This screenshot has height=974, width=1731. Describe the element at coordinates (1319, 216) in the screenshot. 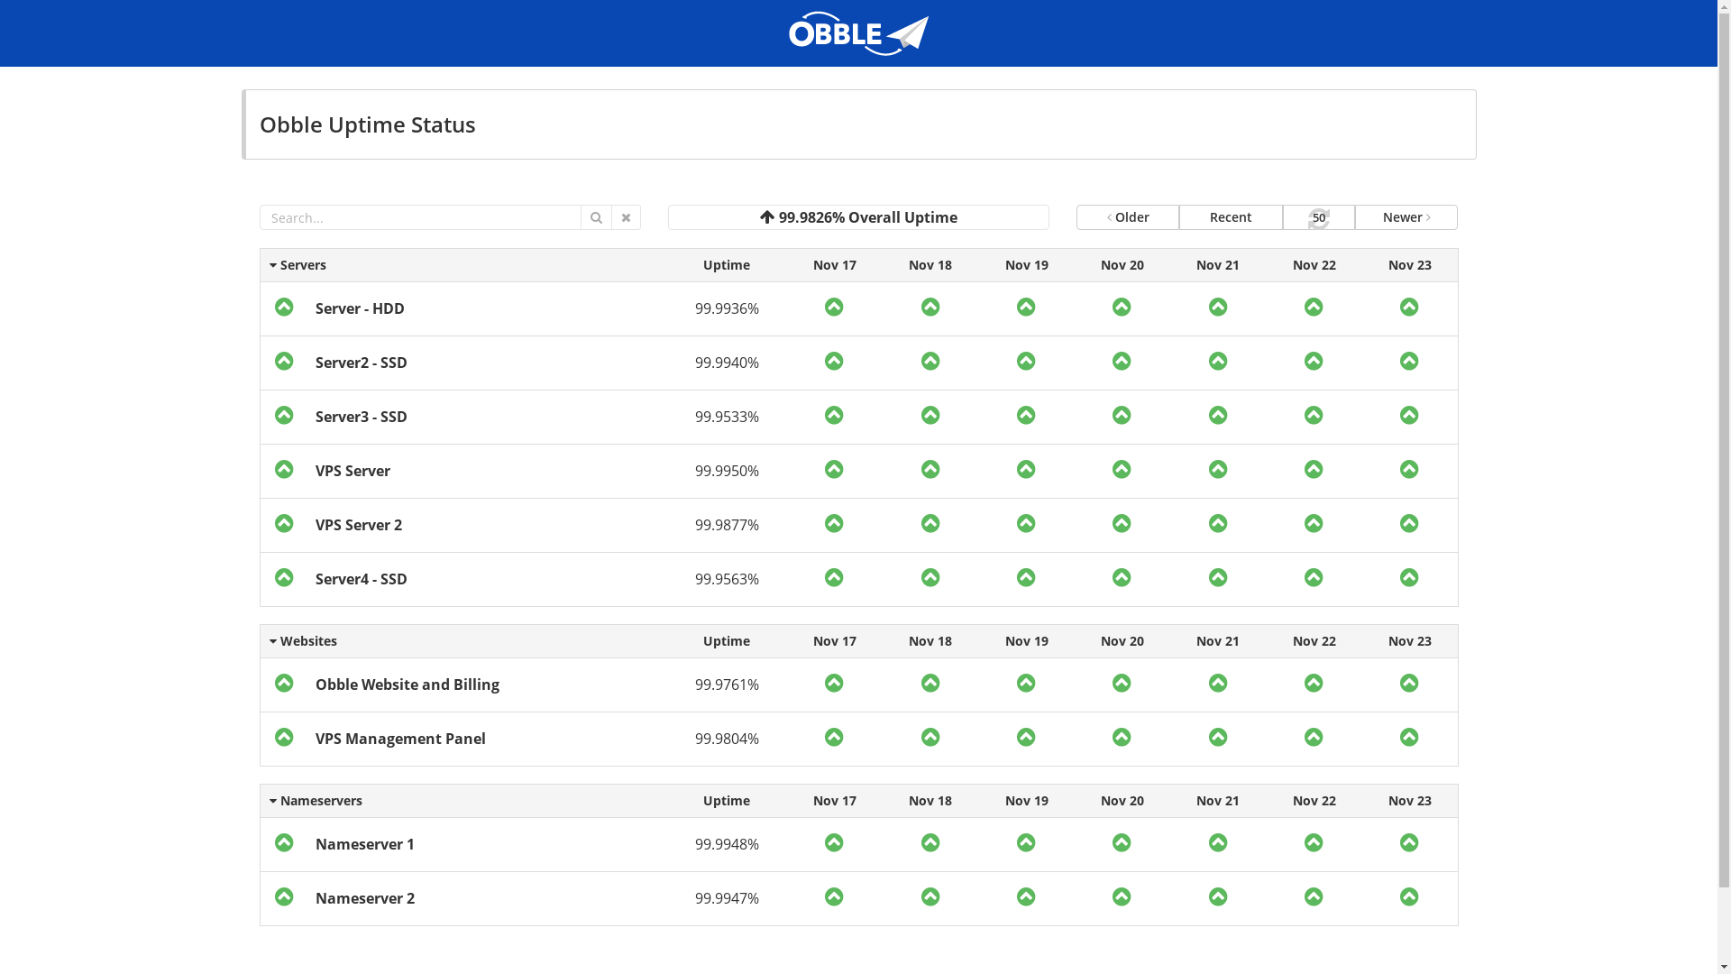

I see `'52'` at that location.